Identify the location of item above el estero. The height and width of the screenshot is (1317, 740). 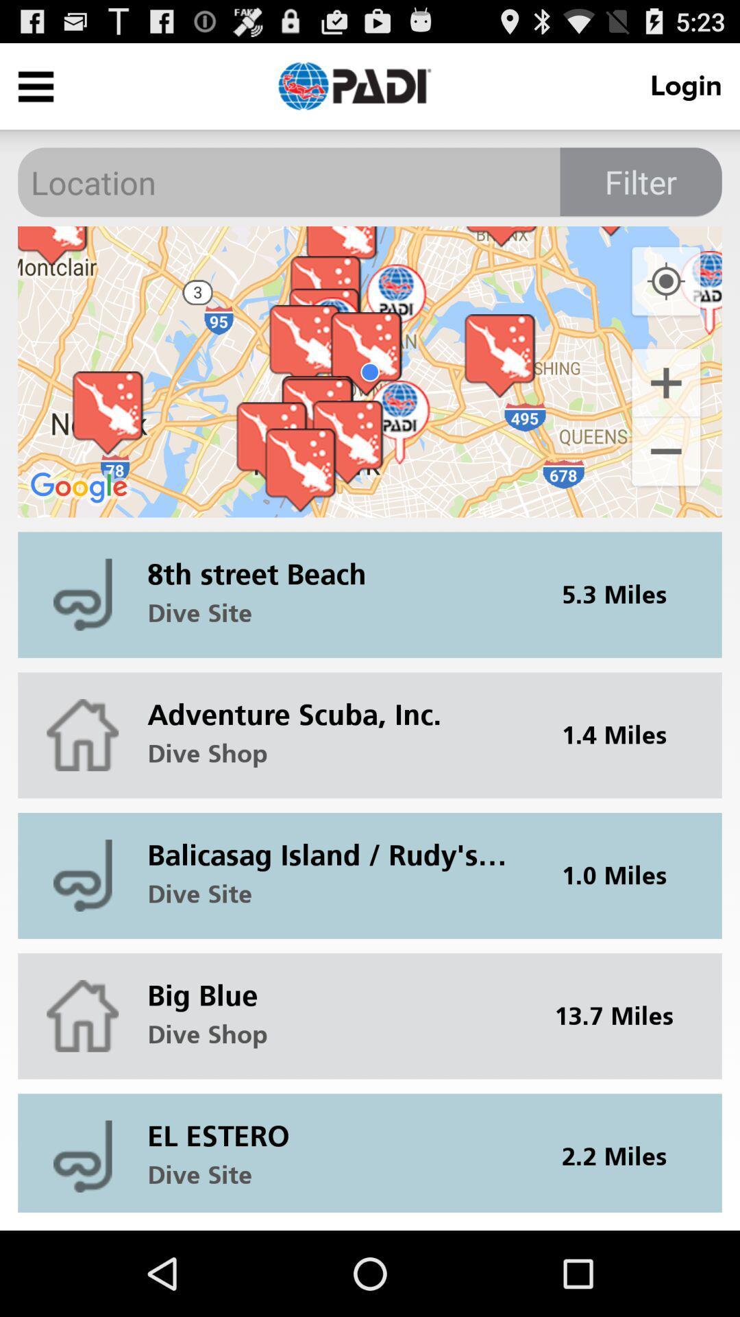
(623, 1016).